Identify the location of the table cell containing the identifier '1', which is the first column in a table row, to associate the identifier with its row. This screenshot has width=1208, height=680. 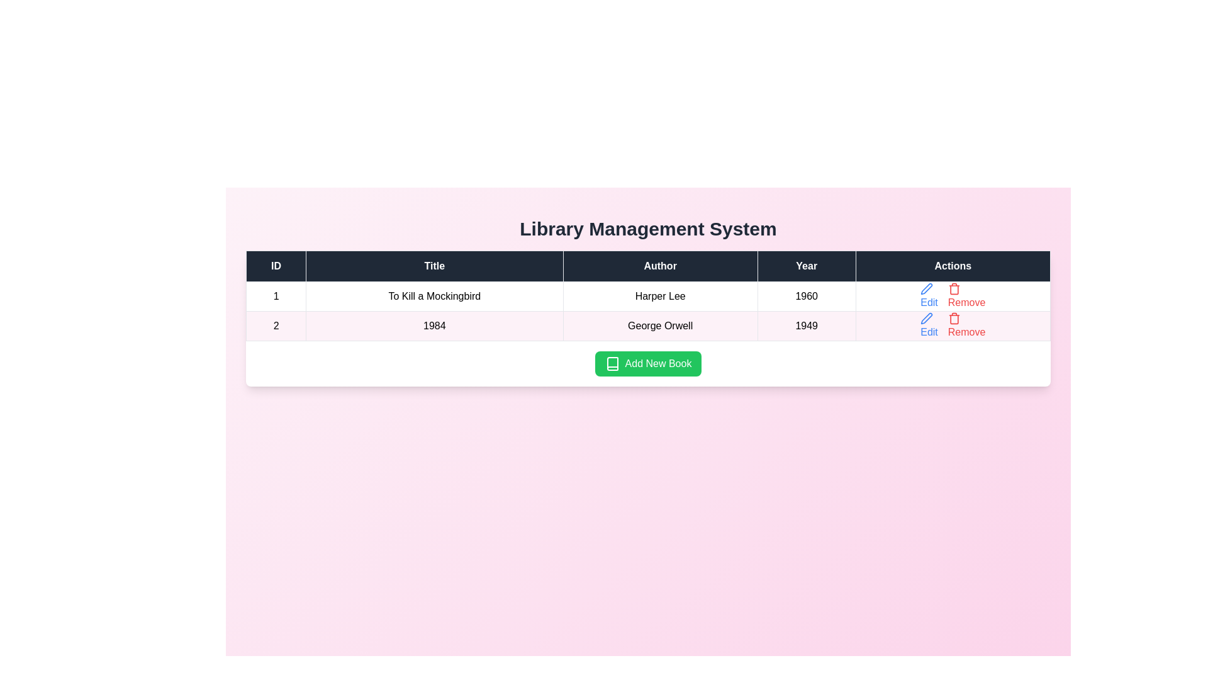
(276, 296).